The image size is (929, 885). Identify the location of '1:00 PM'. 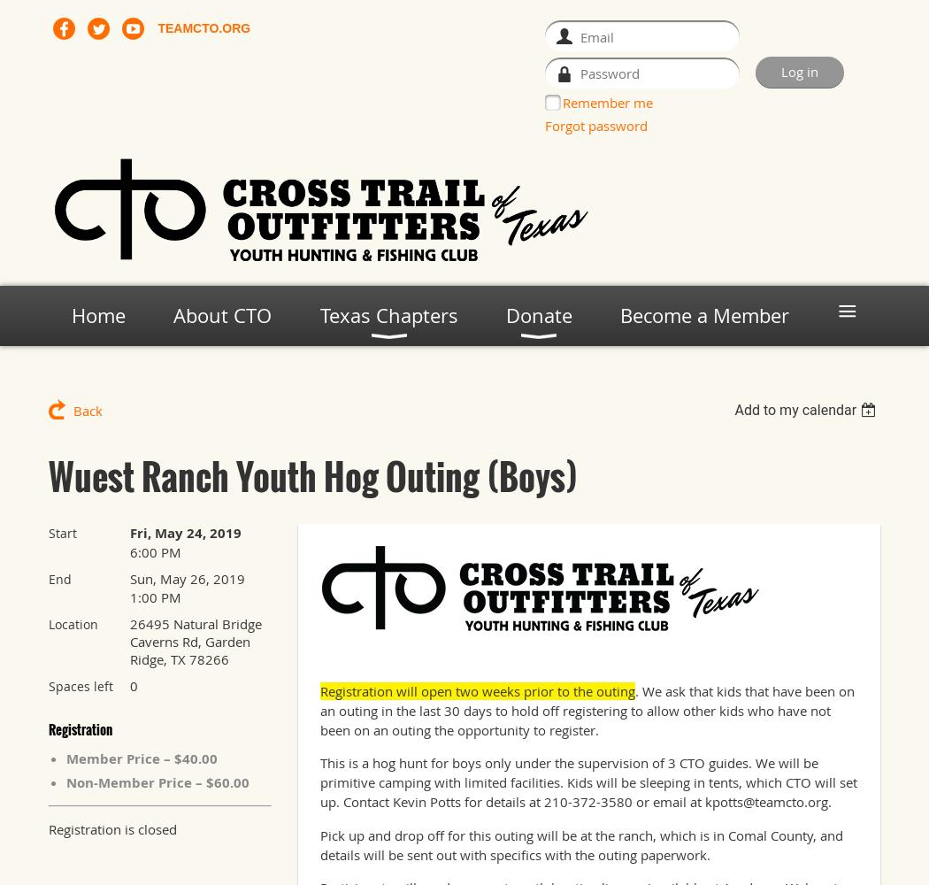
(155, 597).